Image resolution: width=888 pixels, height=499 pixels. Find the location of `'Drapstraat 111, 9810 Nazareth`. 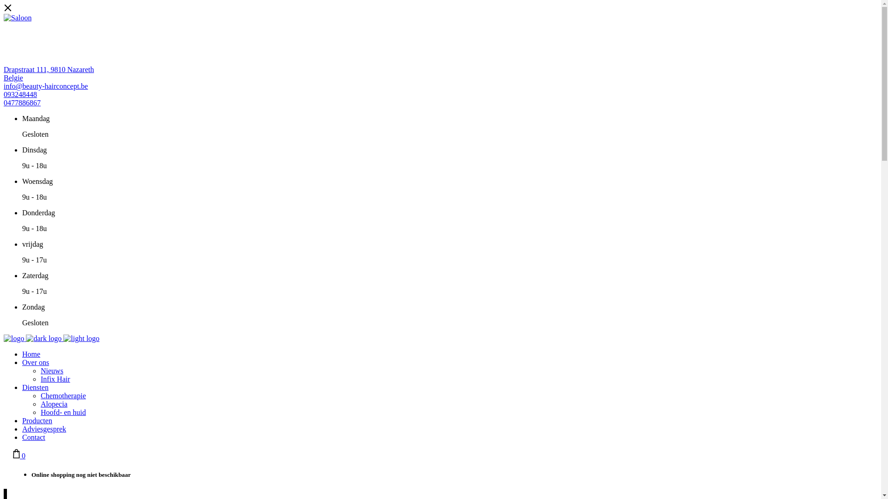

'Drapstraat 111, 9810 Nazareth is located at coordinates (48, 73).